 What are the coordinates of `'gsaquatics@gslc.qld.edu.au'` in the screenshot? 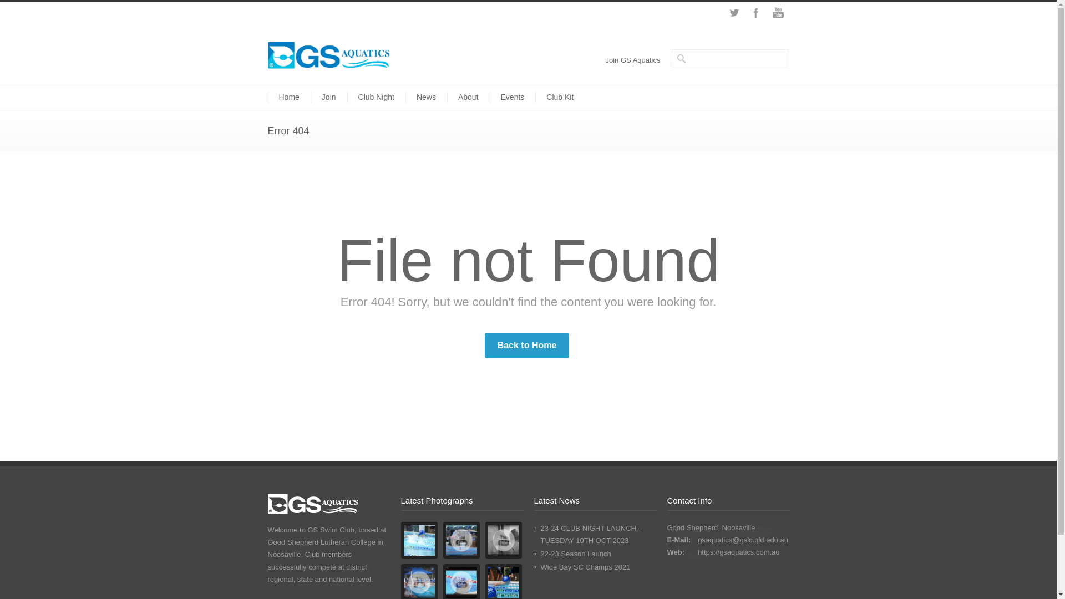 It's located at (743, 539).